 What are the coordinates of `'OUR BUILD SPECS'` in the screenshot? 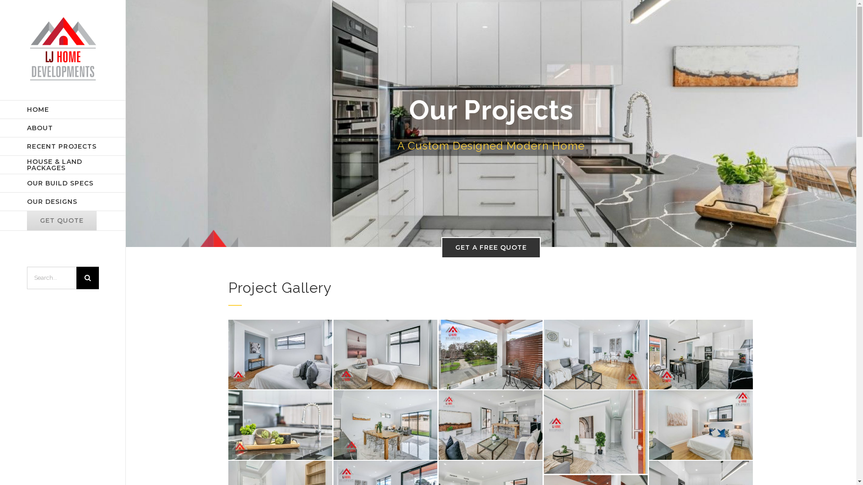 It's located at (62, 183).